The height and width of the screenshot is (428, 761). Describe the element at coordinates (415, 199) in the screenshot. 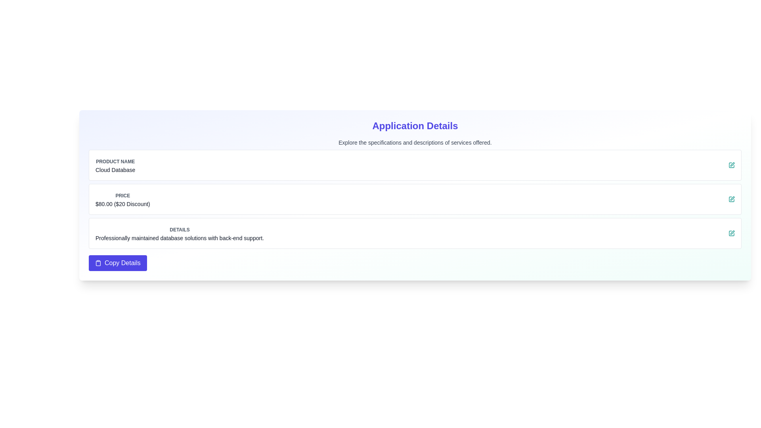

I see `the informative block that displays pricing information for a product or service, positioned between the 'Product Name' and 'Details' sections` at that location.